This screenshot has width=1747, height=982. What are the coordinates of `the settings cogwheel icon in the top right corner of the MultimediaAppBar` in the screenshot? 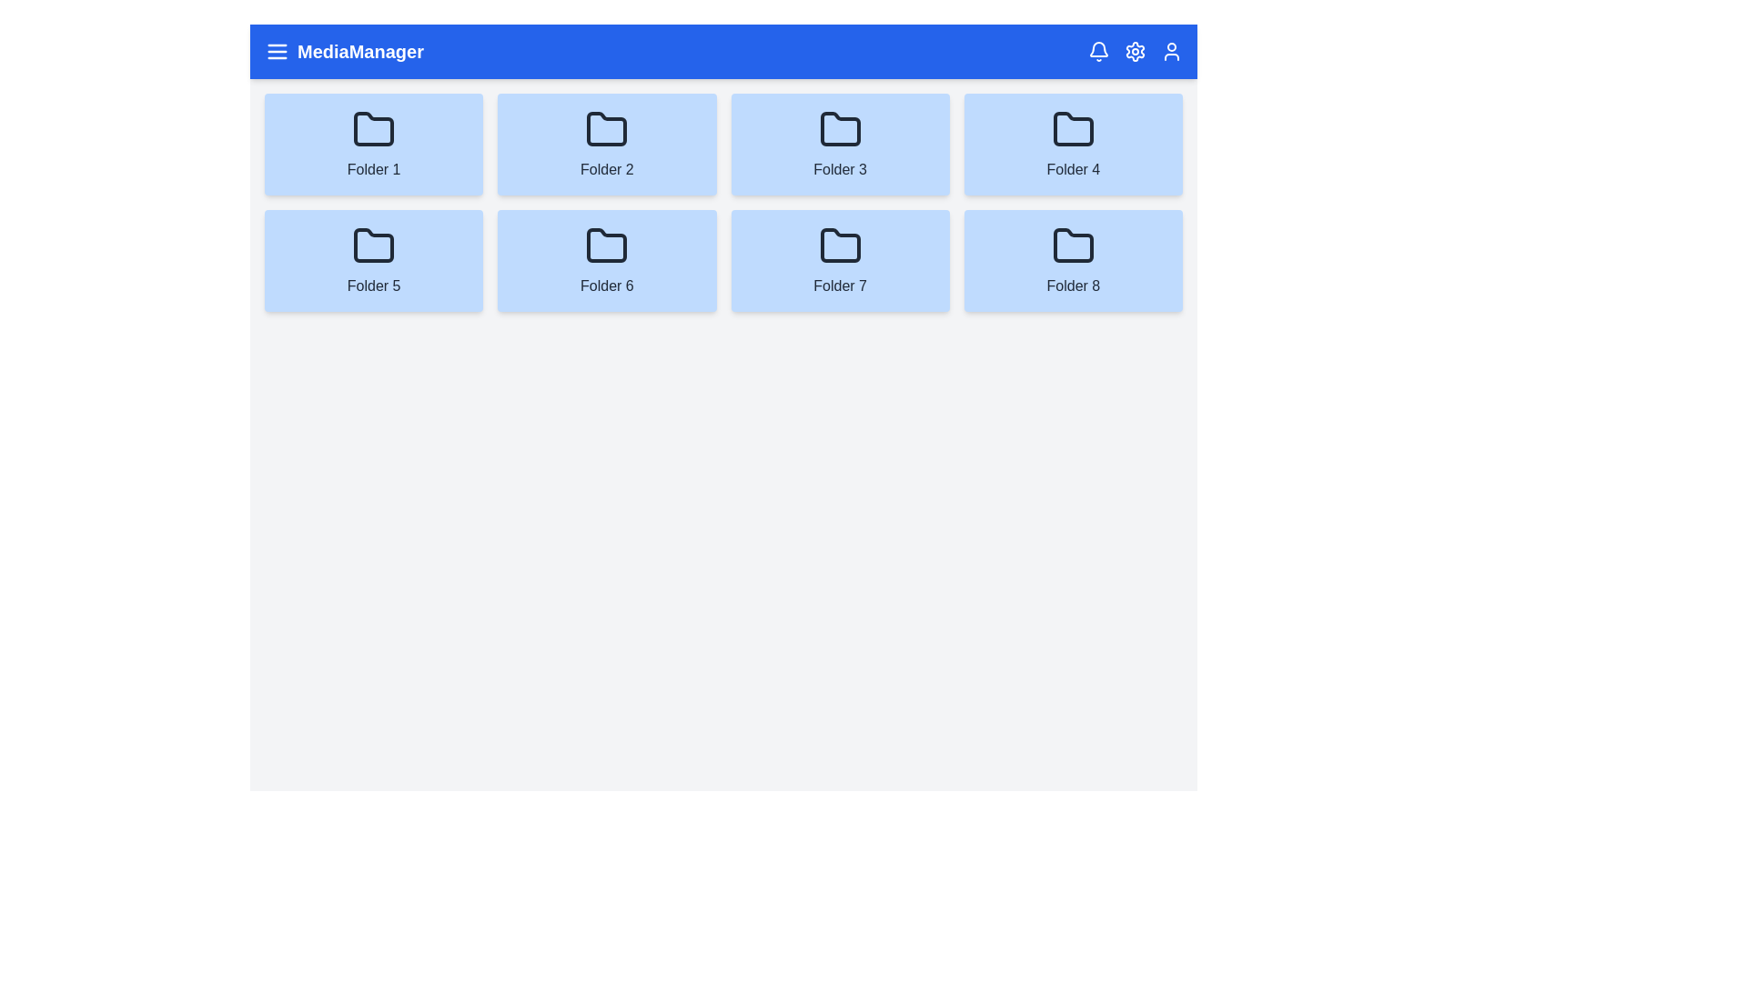 It's located at (1135, 51).